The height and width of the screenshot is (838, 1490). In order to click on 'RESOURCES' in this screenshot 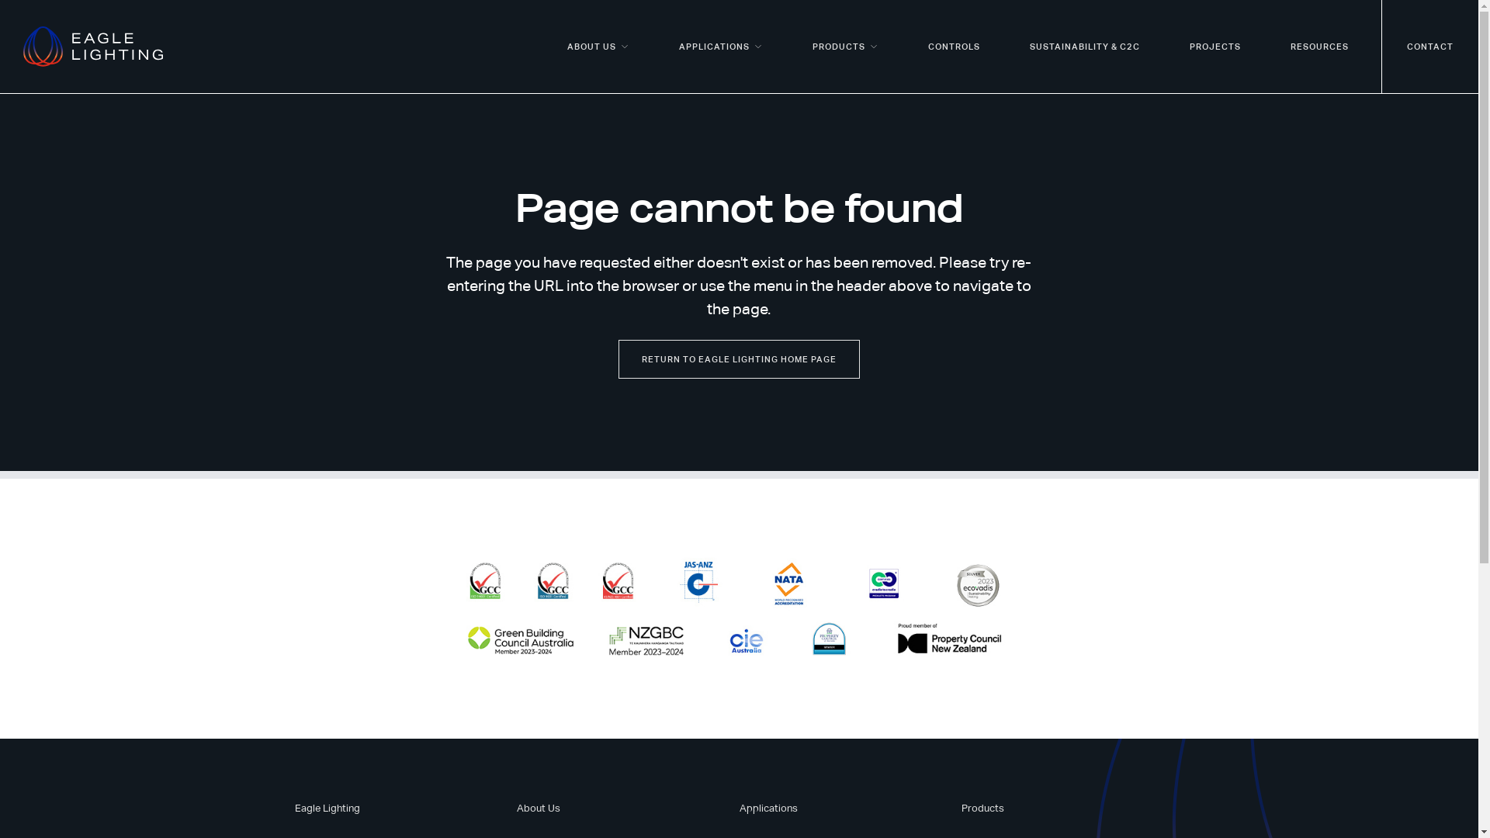, I will do `click(1318, 46)`.